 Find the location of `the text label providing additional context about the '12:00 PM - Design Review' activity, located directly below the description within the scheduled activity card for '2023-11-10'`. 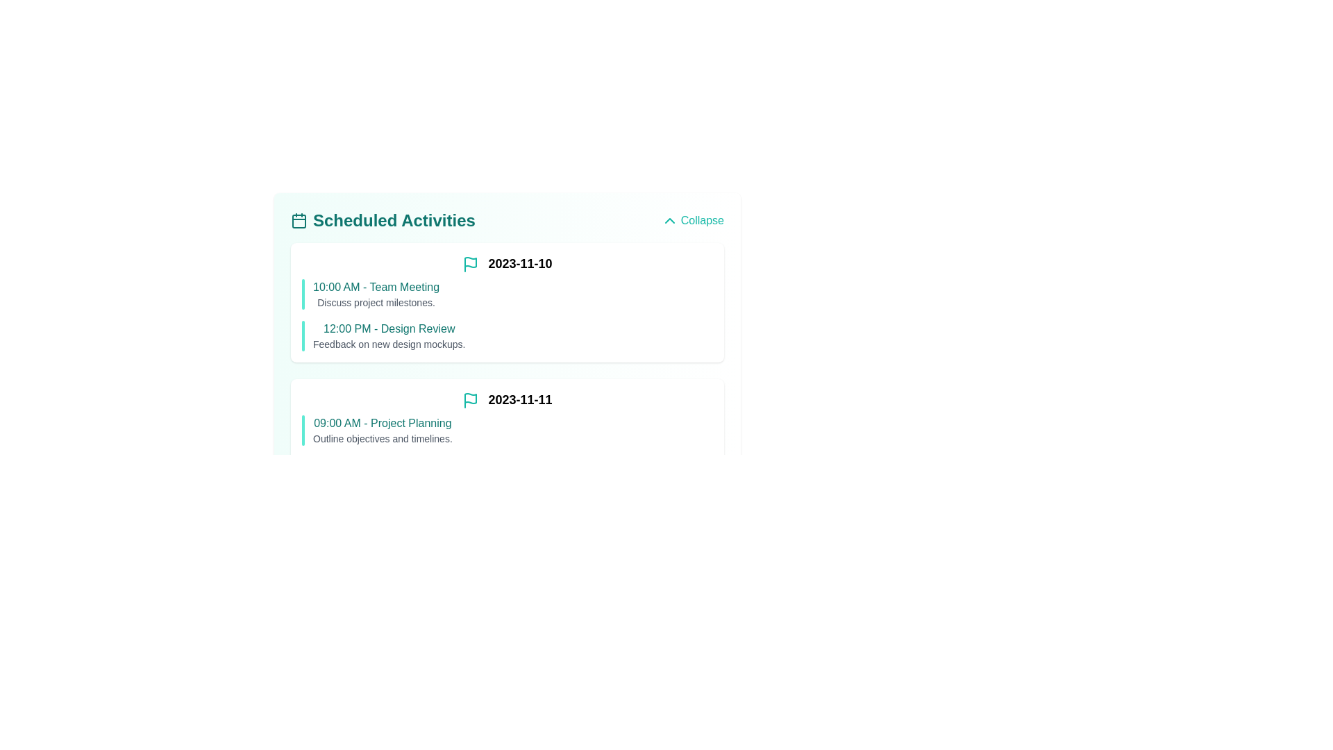

the text label providing additional context about the '12:00 PM - Design Review' activity, located directly below the description within the scheduled activity card for '2023-11-10' is located at coordinates (389, 344).